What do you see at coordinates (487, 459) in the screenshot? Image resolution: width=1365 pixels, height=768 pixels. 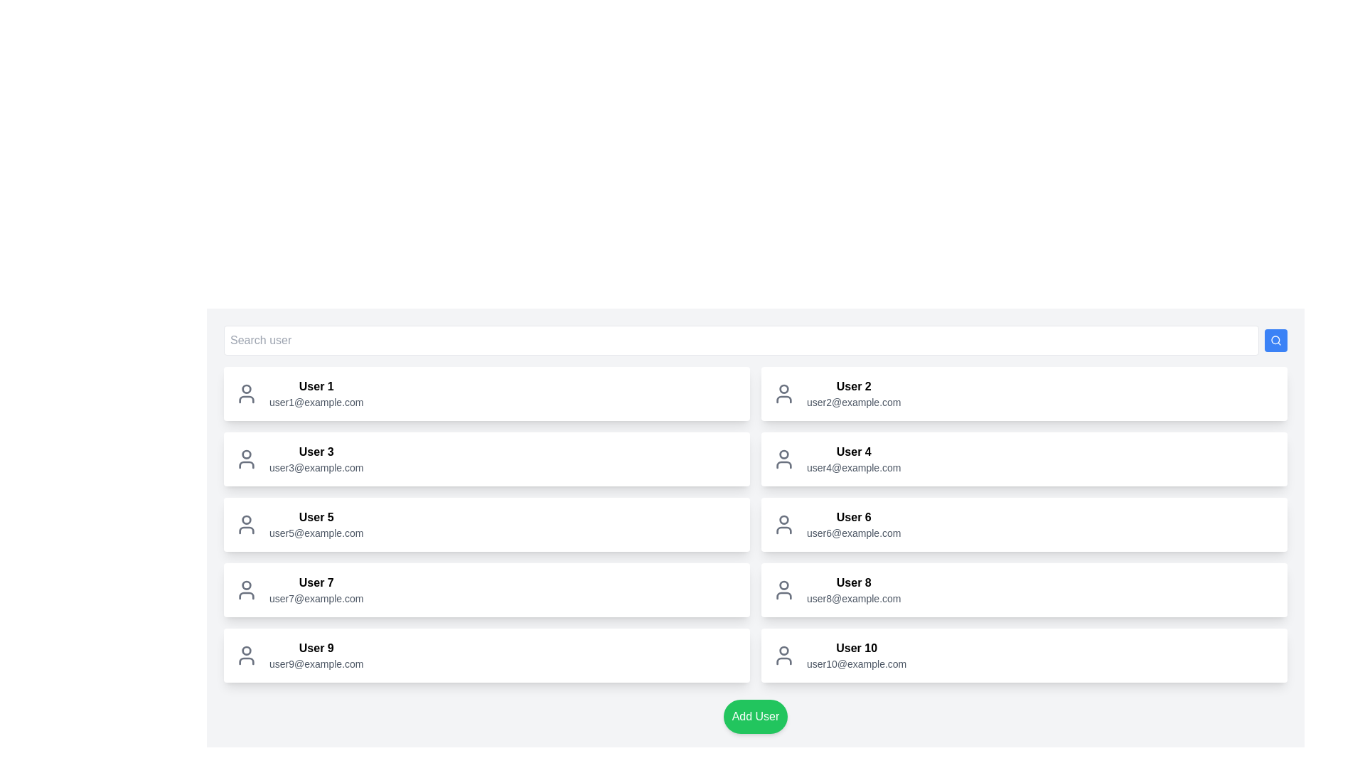 I see `the third user profile card component in the left column` at bounding box center [487, 459].